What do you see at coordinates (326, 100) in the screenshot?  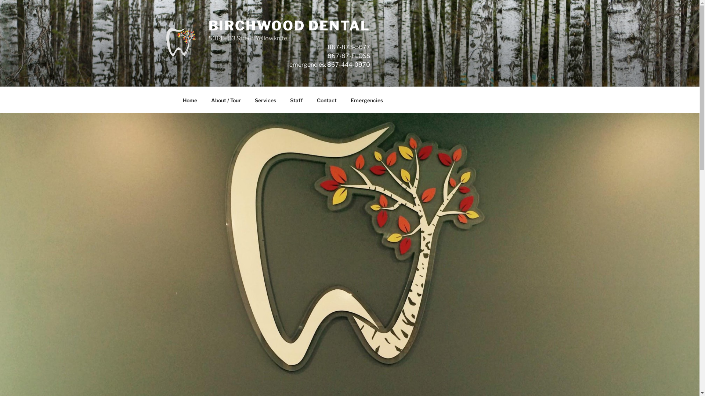 I see `'Contact'` at bounding box center [326, 100].